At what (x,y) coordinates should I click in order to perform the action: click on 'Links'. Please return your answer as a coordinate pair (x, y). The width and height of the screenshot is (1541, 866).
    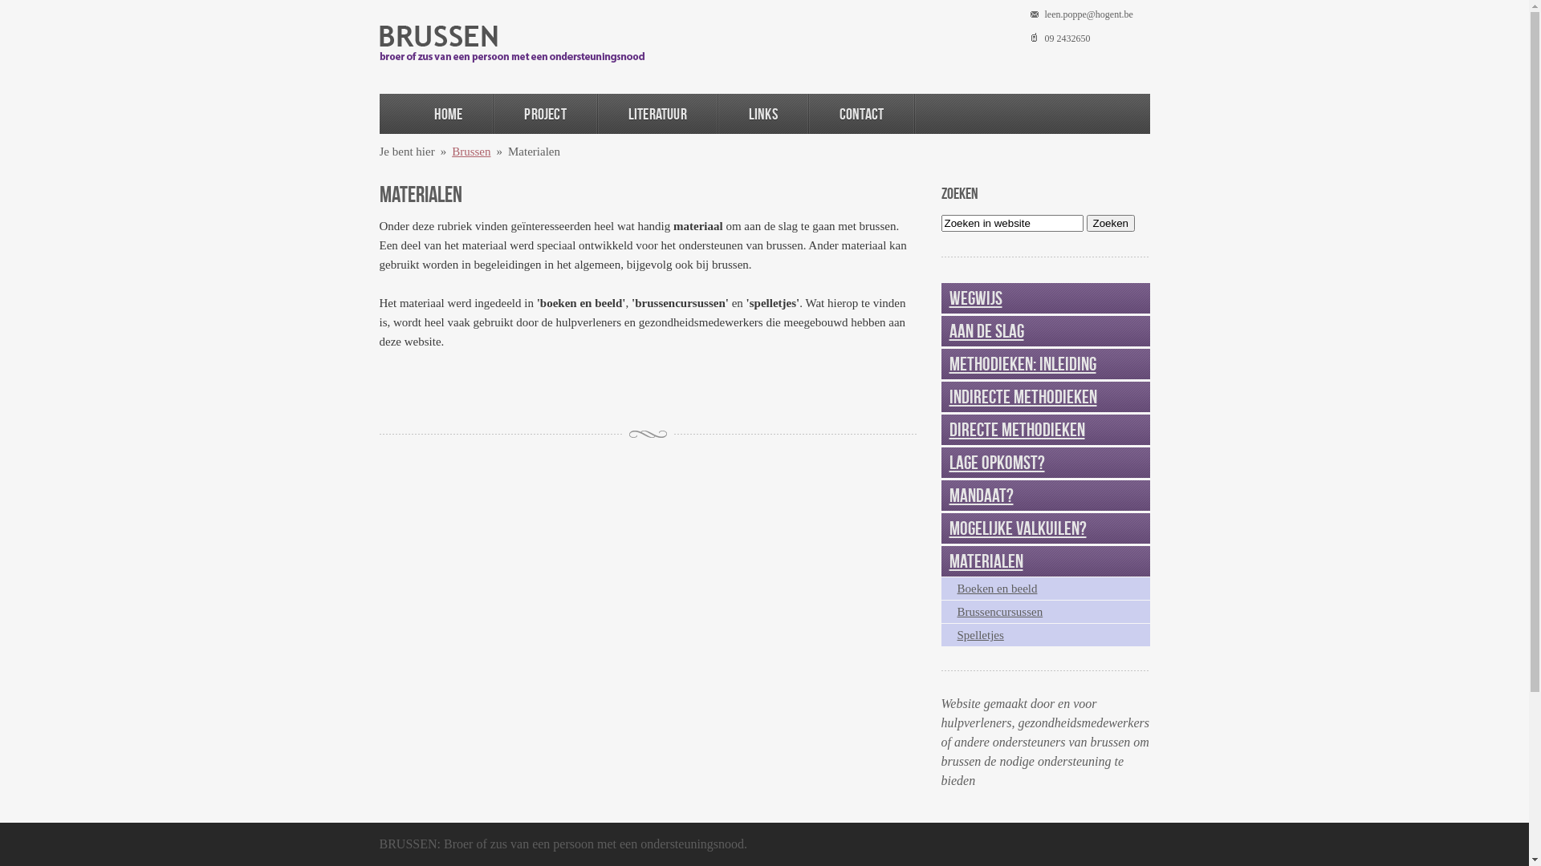
    Looking at the image, I should click on (762, 113).